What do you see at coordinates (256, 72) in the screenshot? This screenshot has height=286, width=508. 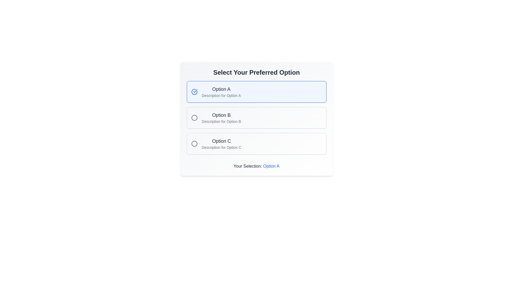 I see `on the prominently styled text 'Select Your Preferred Option'` at bounding box center [256, 72].